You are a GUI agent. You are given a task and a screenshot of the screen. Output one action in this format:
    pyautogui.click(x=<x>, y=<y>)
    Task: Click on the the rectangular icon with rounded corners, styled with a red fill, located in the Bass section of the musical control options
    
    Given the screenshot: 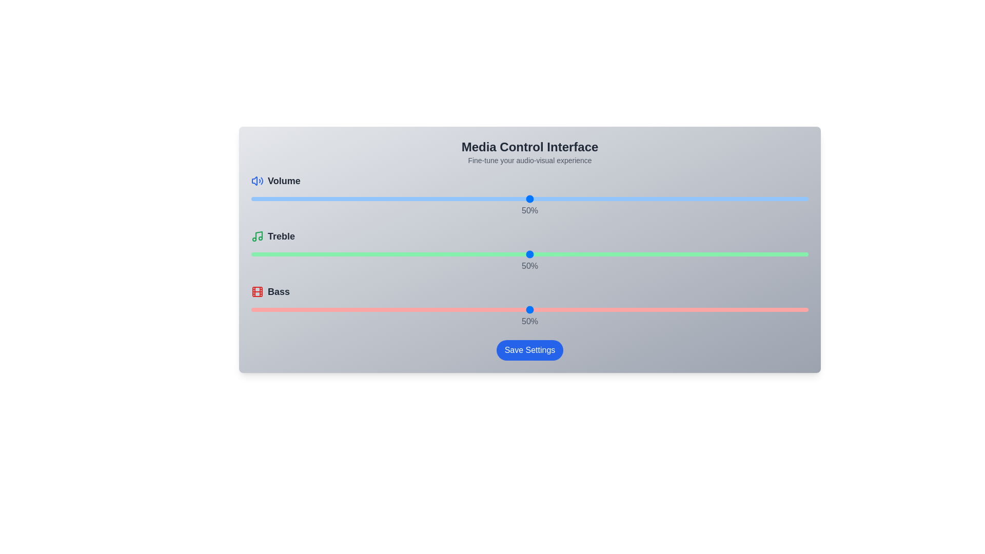 What is the action you would take?
    pyautogui.click(x=258, y=292)
    